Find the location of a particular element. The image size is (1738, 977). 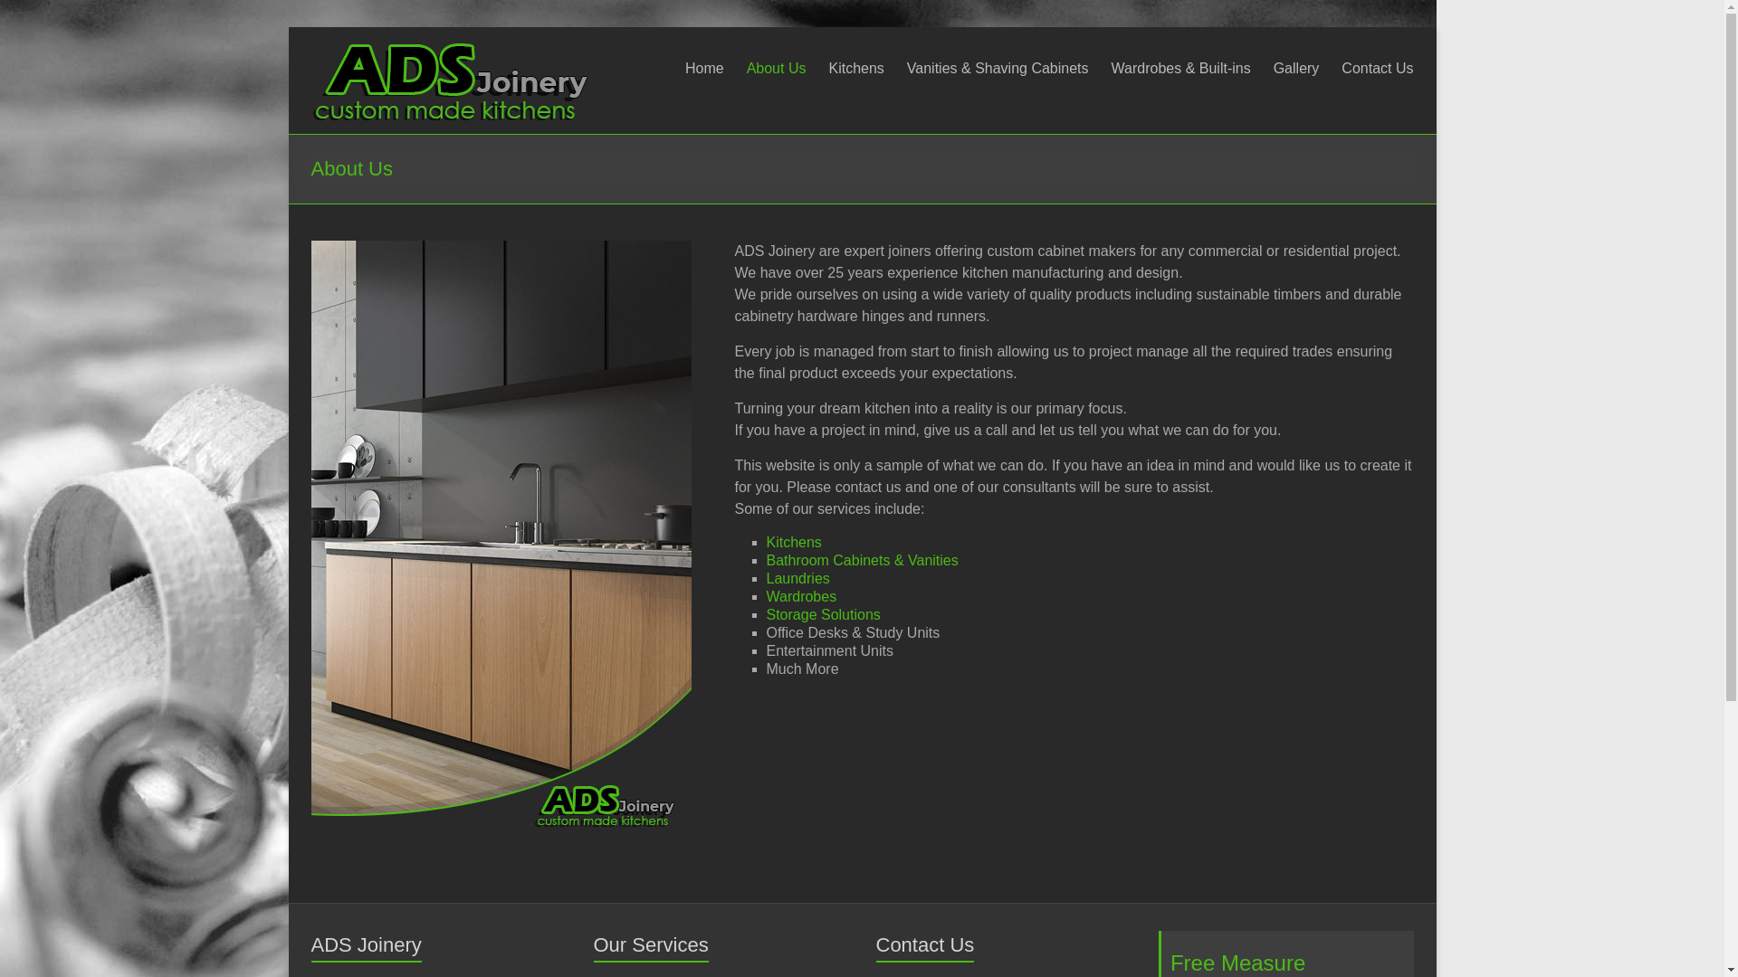

'Storage Solutions' is located at coordinates (821, 613).